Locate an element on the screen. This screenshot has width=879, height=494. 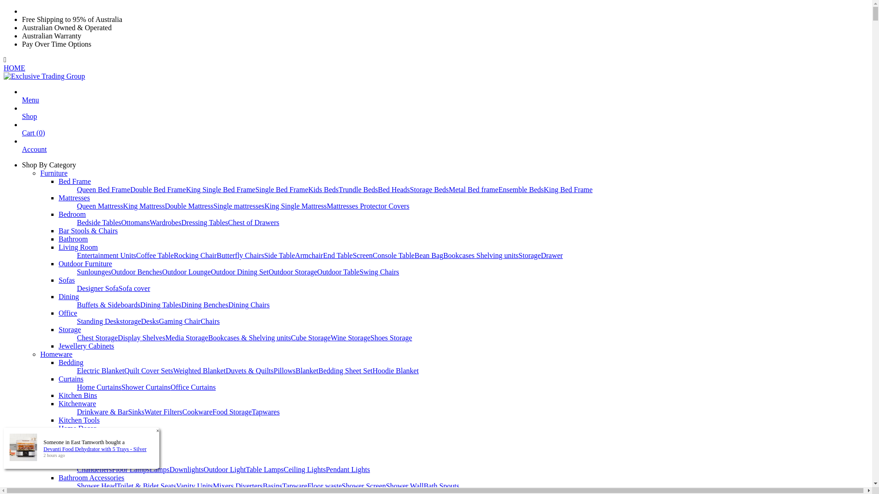
'Bathroom' is located at coordinates (58, 238).